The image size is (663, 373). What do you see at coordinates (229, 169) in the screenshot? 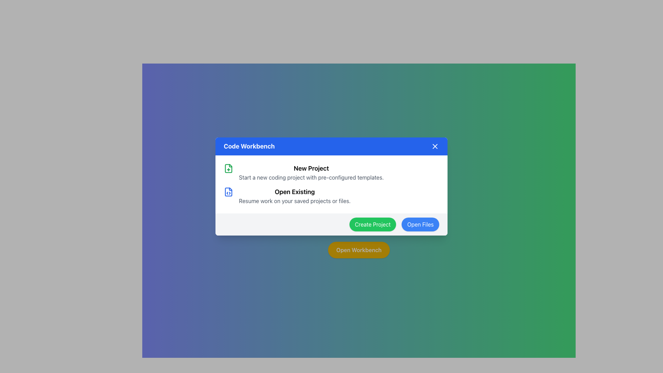
I see `the icon that visually identifies the creation of a new project, located in the 'Code Workbench' dialog box to the left of the 'New Project' text` at bounding box center [229, 169].